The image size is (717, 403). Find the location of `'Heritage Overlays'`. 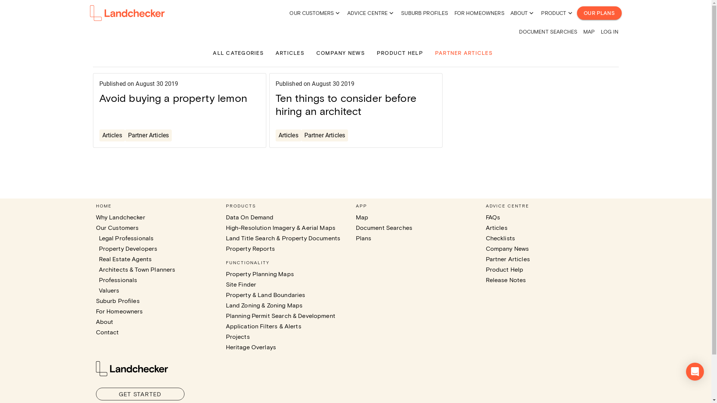

'Heritage Overlays' is located at coordinates (251, 347).